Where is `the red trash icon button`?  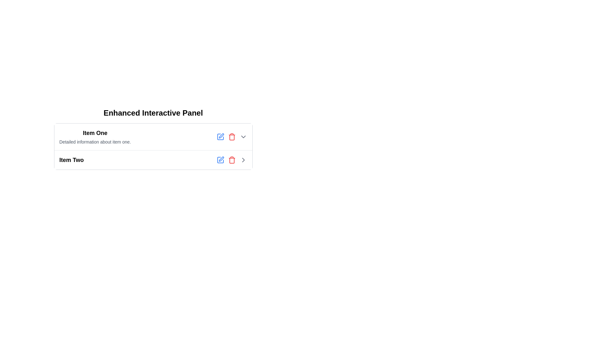 the red trash icon button is located at coordinates (231, 160).